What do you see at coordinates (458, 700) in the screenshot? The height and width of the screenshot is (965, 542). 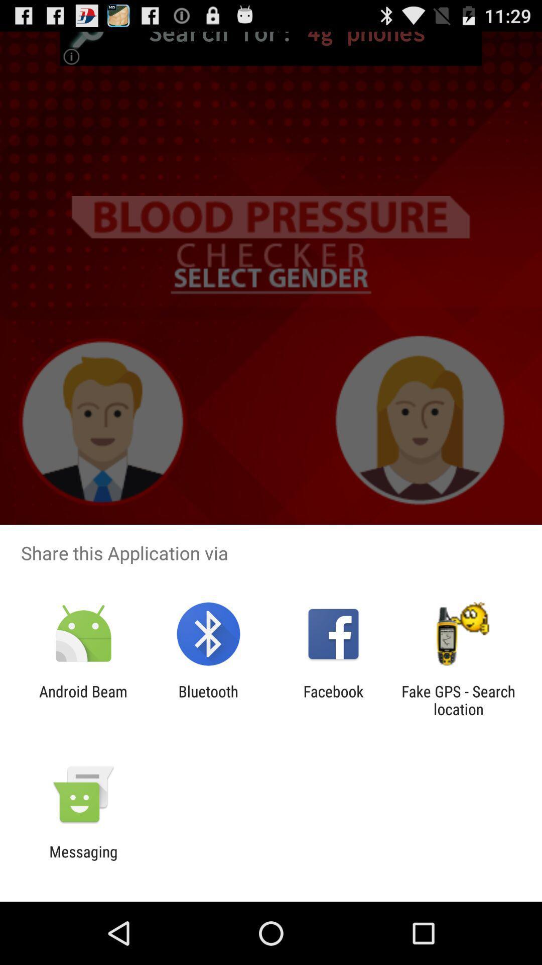 I see `the fake gps search icon` at bounding box center [458, 700].